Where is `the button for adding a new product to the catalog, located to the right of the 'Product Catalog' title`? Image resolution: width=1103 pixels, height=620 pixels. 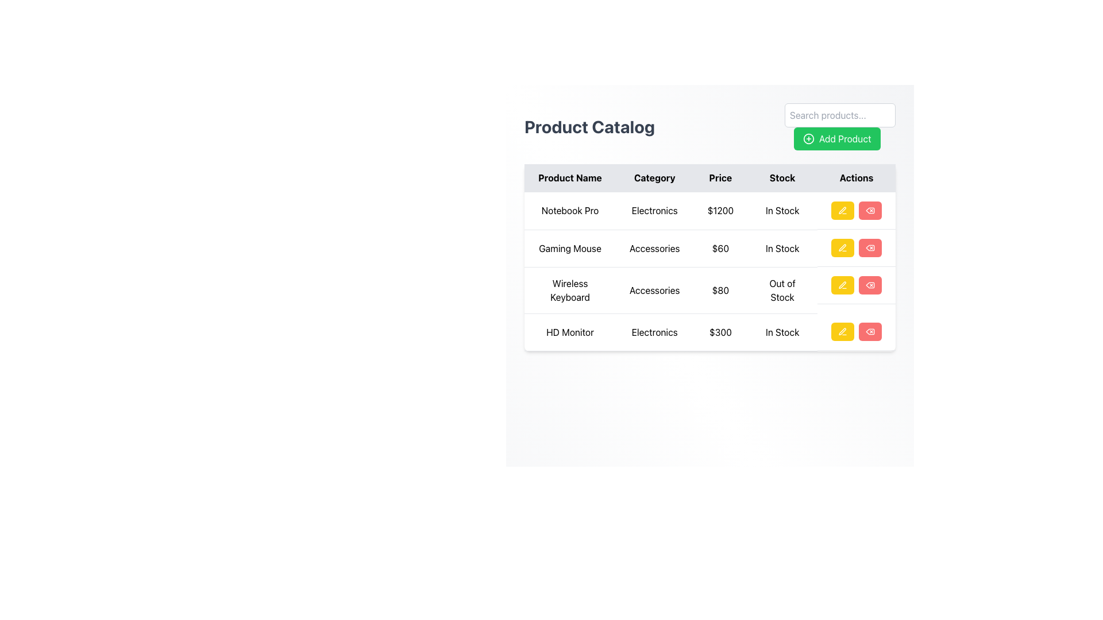 the button for adding a new product to the catalog, located to the right of the 'Product Catalog' title is located at coordinates (840, 126).